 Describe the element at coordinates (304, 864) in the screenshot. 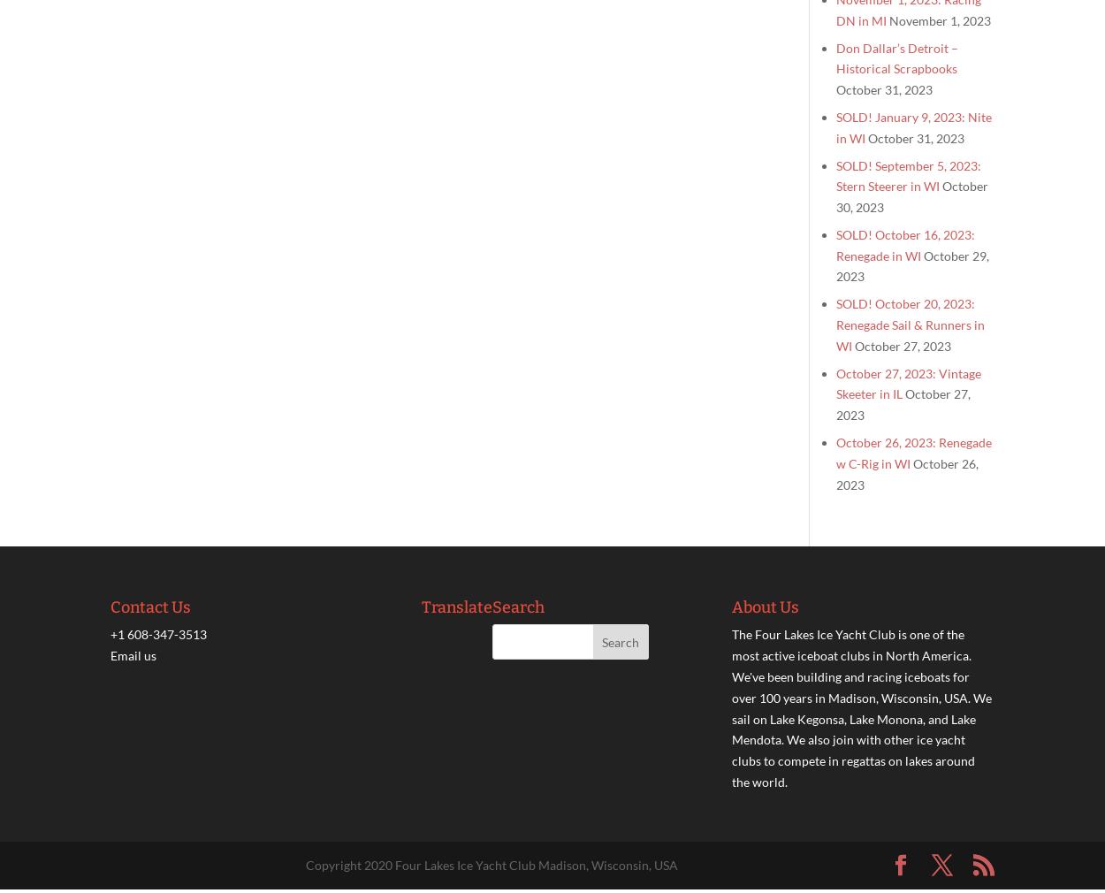

I see `'Copyright 2020 Four Lakes Ice Yacht Club
Madison, Wisconsin, USA'` at that location.